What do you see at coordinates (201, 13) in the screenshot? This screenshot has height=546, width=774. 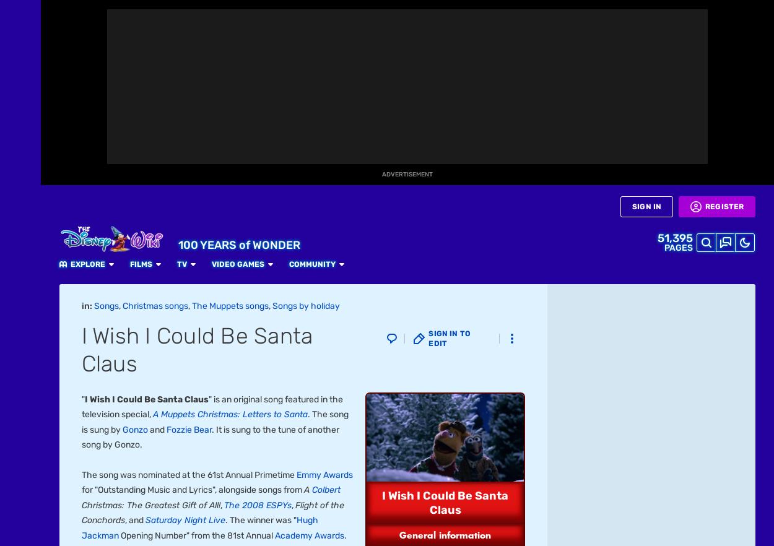 I see `'Explore'` at bounding box center [201, 13].